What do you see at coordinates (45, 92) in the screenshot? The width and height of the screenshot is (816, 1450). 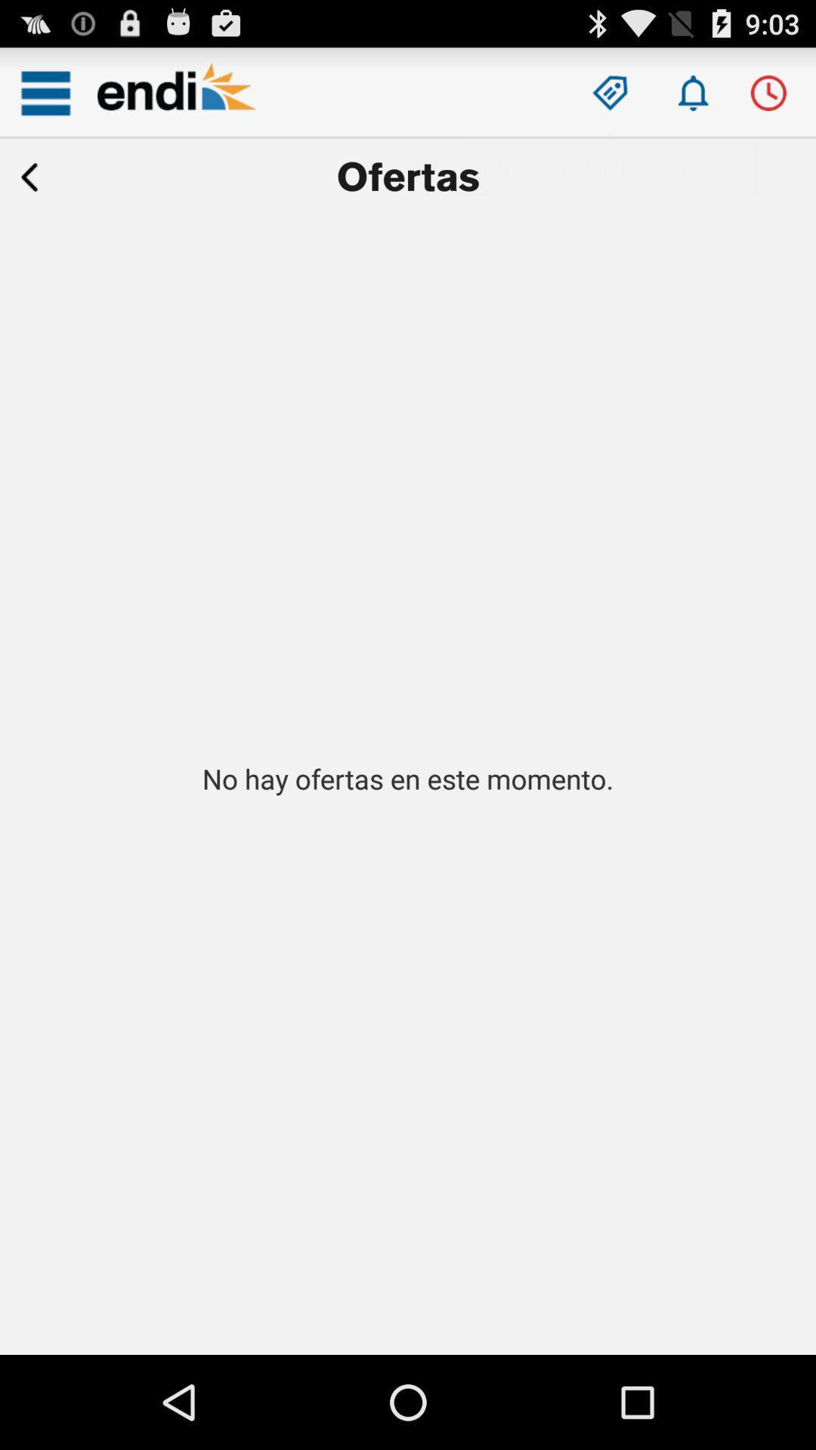 I see `menu` at bounding box center [45, 92].